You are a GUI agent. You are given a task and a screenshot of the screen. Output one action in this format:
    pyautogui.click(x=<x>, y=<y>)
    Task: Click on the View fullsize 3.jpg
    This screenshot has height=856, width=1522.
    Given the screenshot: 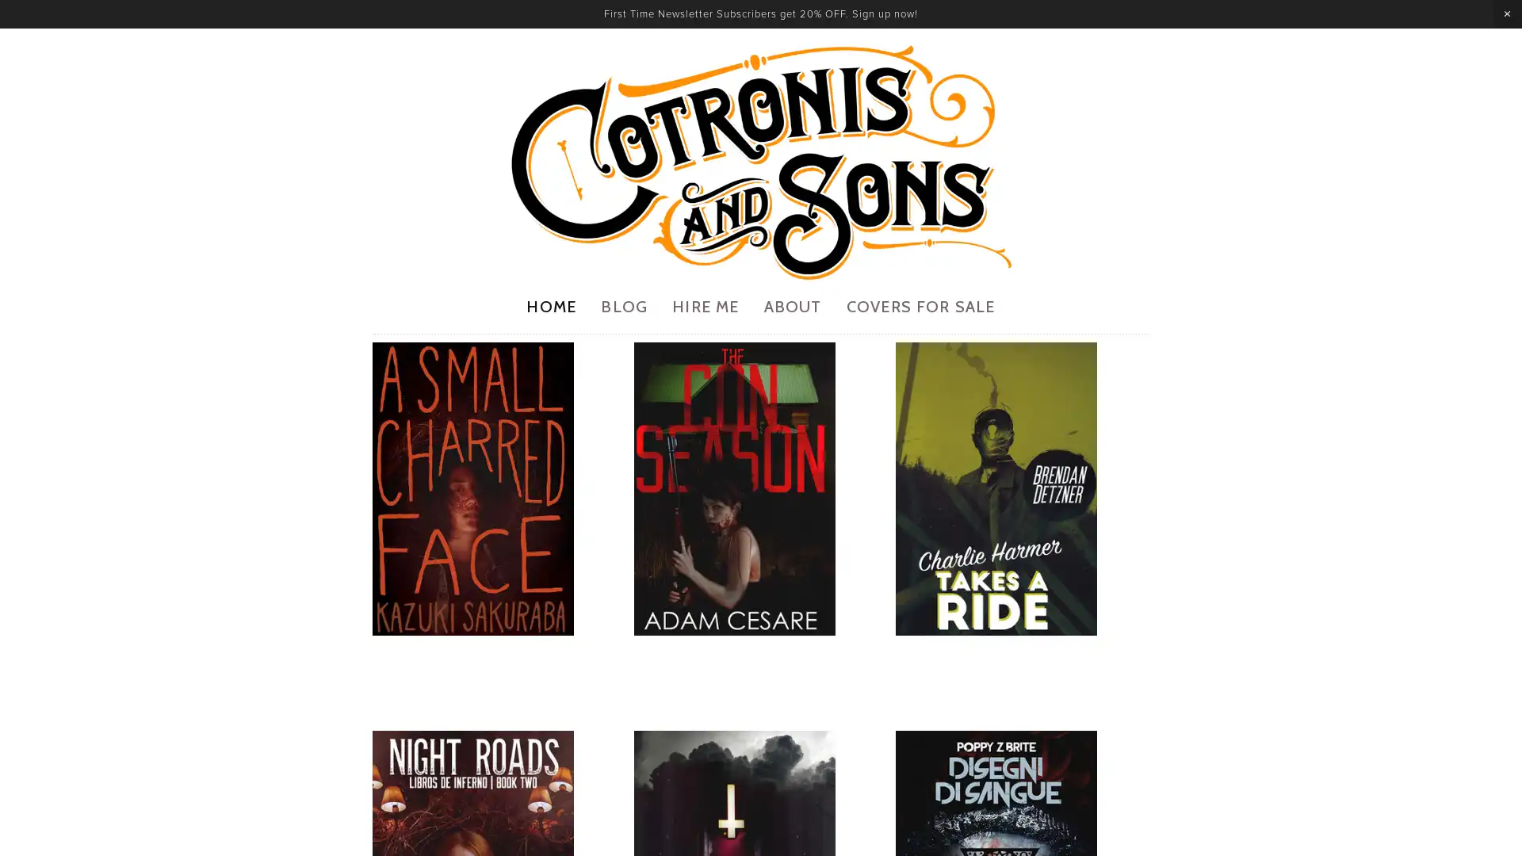 What is the action you would take?
    pyautogui.click(x=761, y=532)
    